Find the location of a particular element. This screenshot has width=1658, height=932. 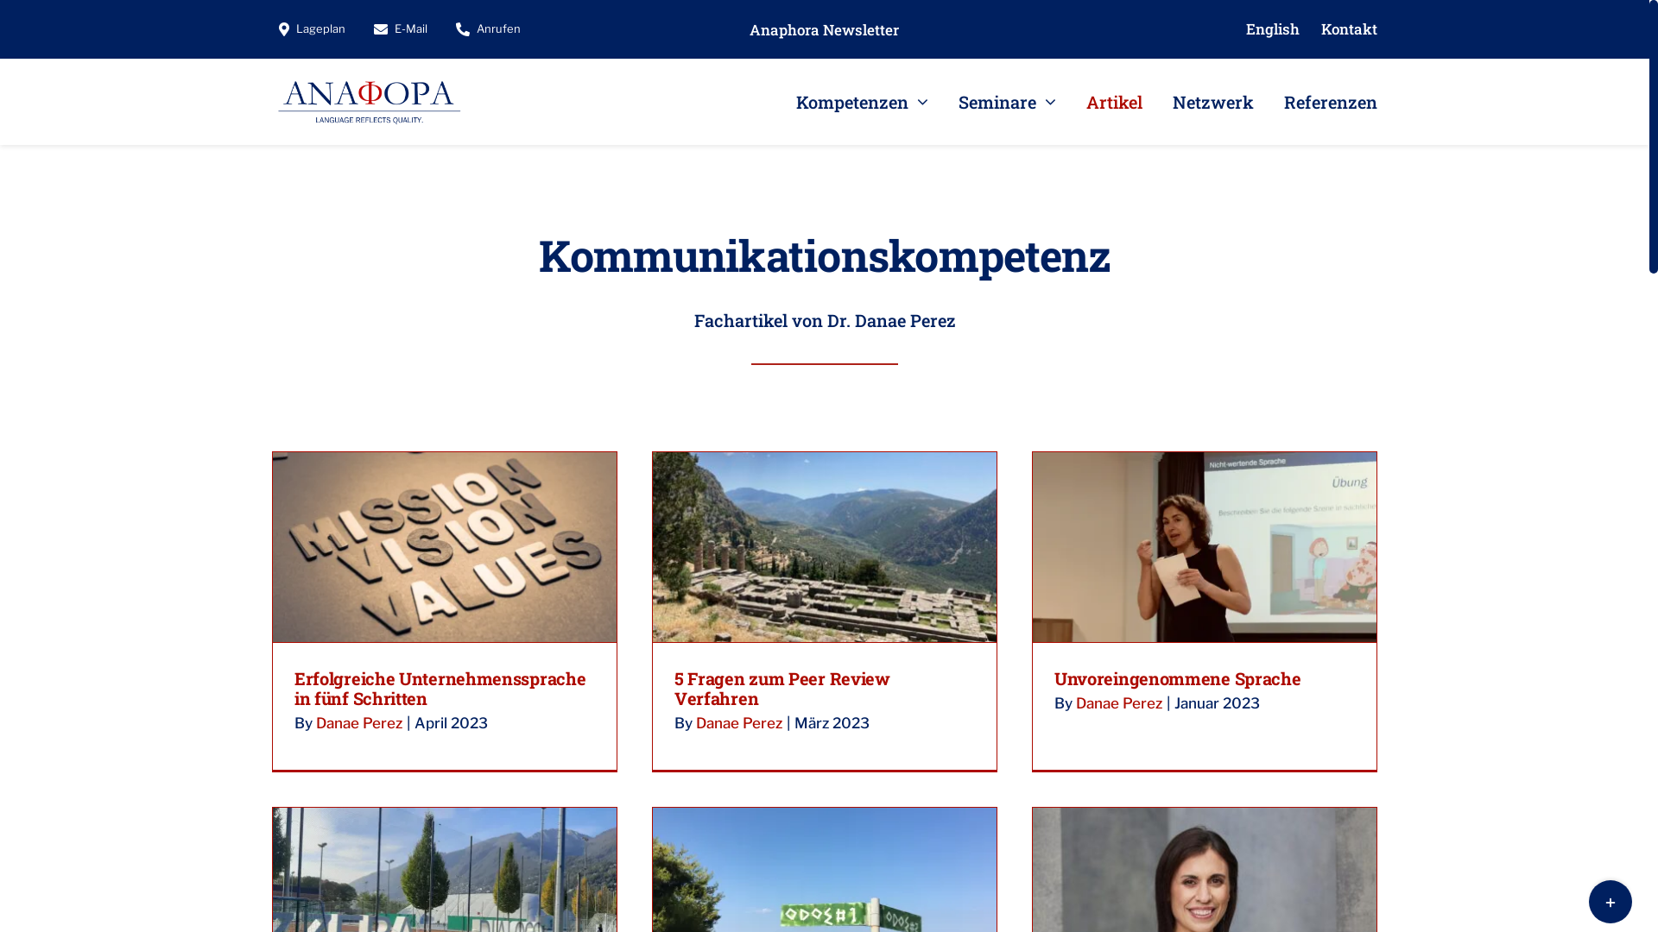

'Seminare' is located at coordinates (1007, 102).